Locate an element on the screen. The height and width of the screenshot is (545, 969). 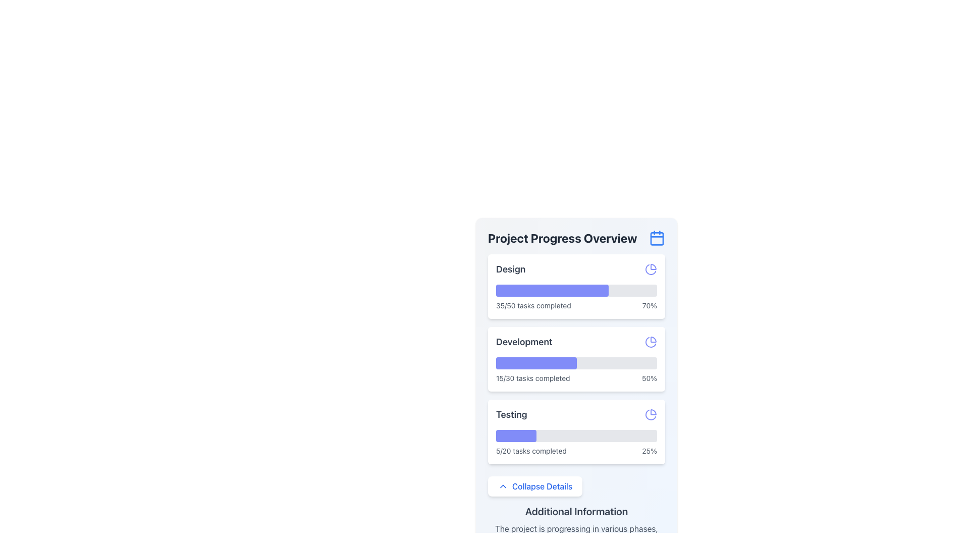
numeric percentage value displayed in the Text Label indicating progress, which shows '25%' in dark gray within the 'Testing' section of the 'Project Progress Overview' interface is located at coordinates (650, 451).